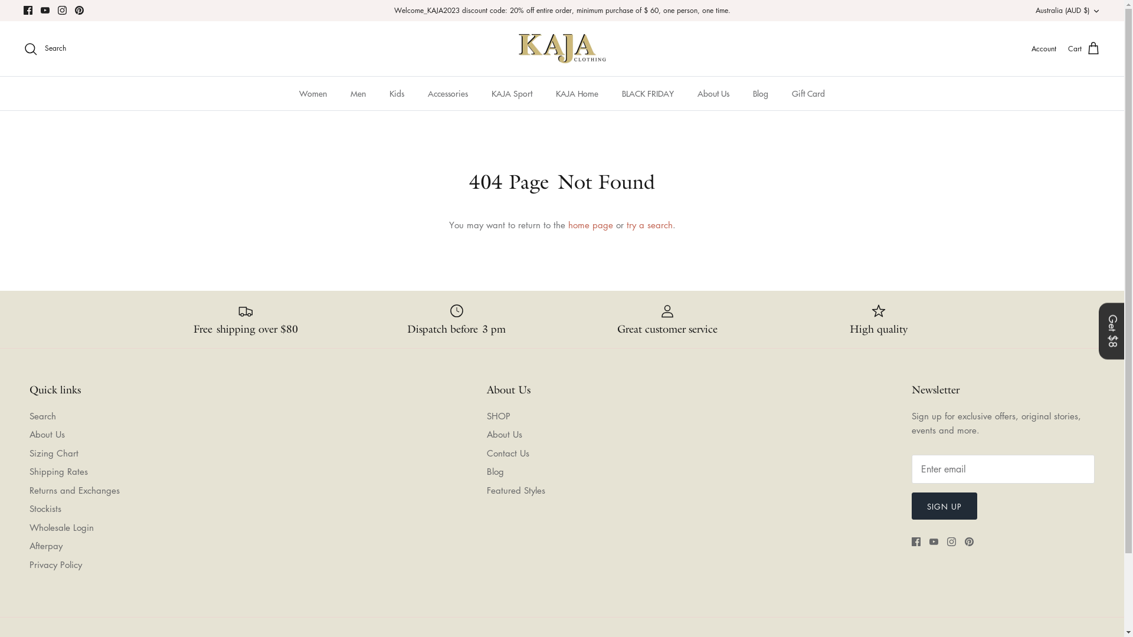 This screenshot has height=637, width=1133. What do you see at coordinates (515, 490) in the screenshot?
I see `'Featured Styles'` at bounding box center [515, 490].